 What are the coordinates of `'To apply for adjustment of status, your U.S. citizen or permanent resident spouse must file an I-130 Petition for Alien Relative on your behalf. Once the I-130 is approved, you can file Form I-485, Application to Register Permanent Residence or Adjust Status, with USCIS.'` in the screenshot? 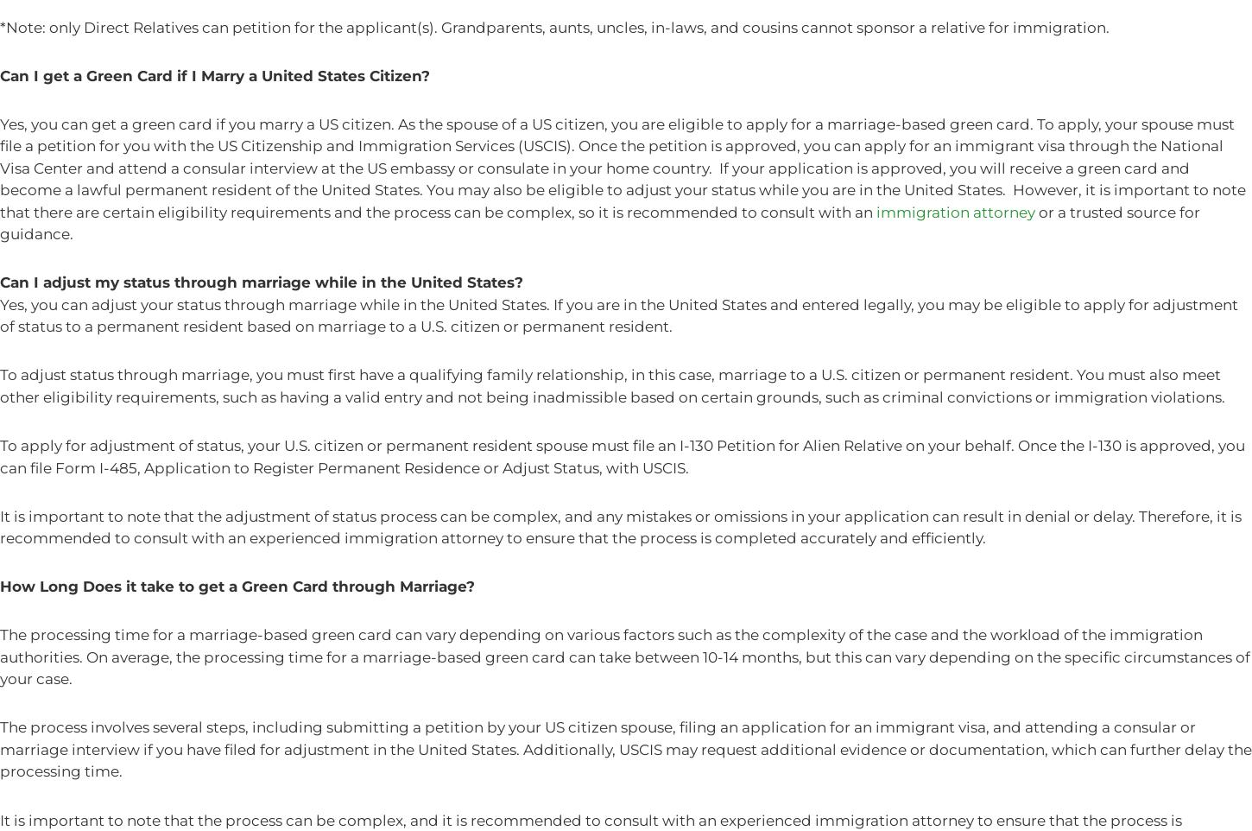 It's located at (621, 455).